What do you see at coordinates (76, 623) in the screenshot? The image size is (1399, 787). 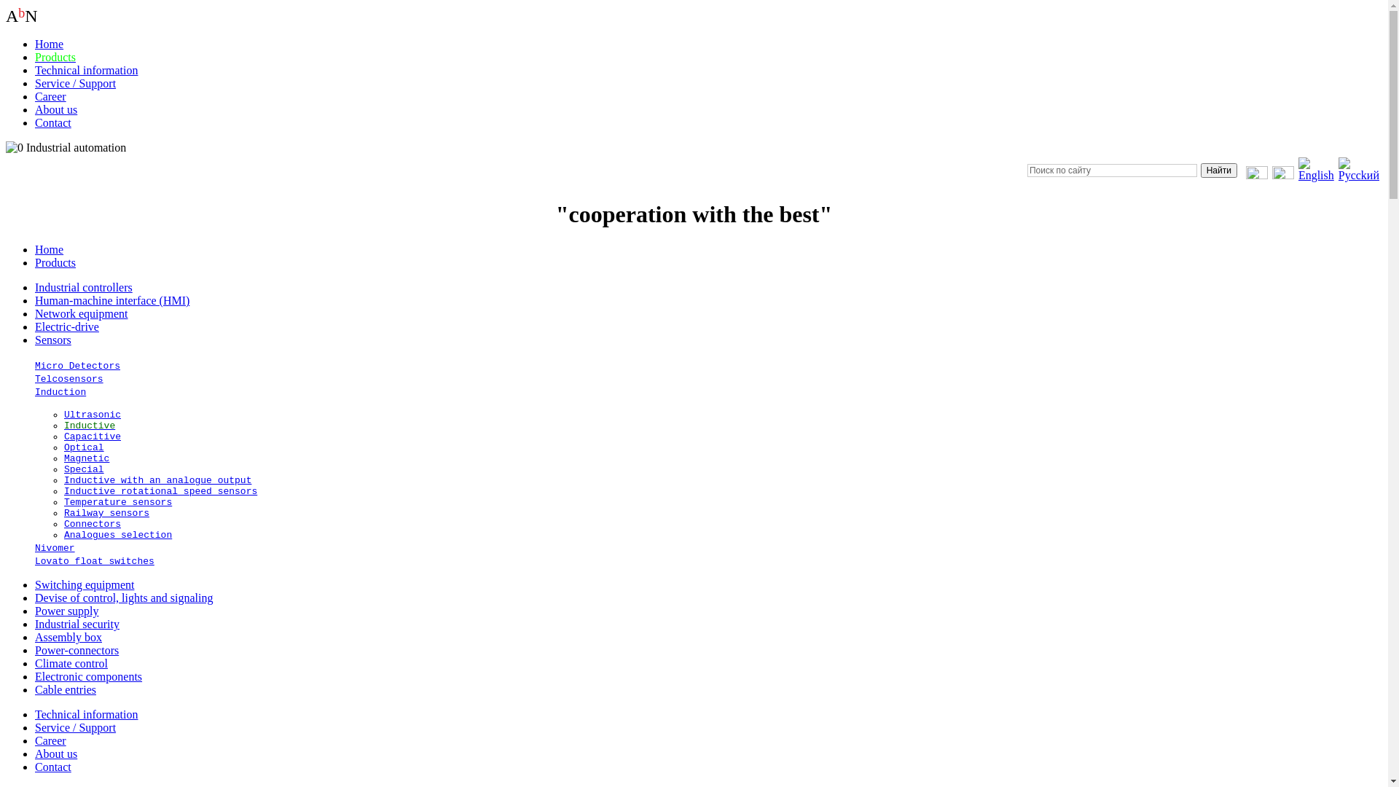 I see `'Industrial security'` at bounding box center [76, 623].